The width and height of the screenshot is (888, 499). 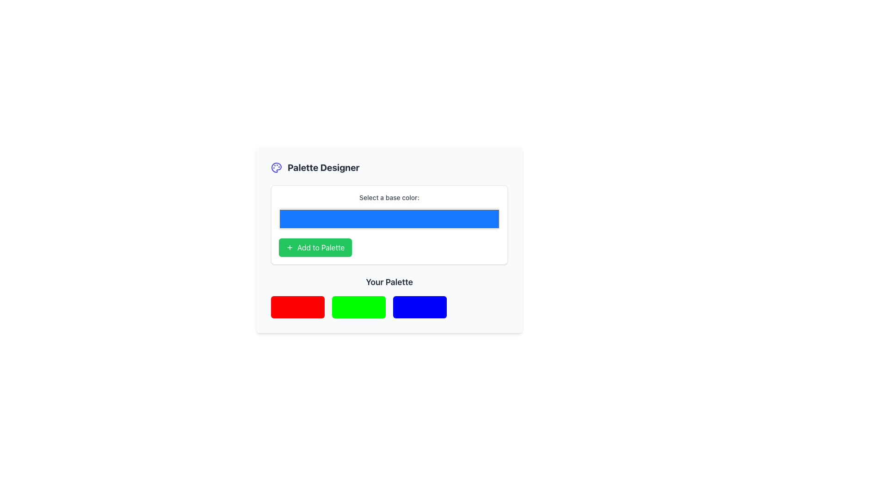 I want to click on the palette icon located in the header section, to the left of the 'Palette Designer' text, so click(x=276, y=167).